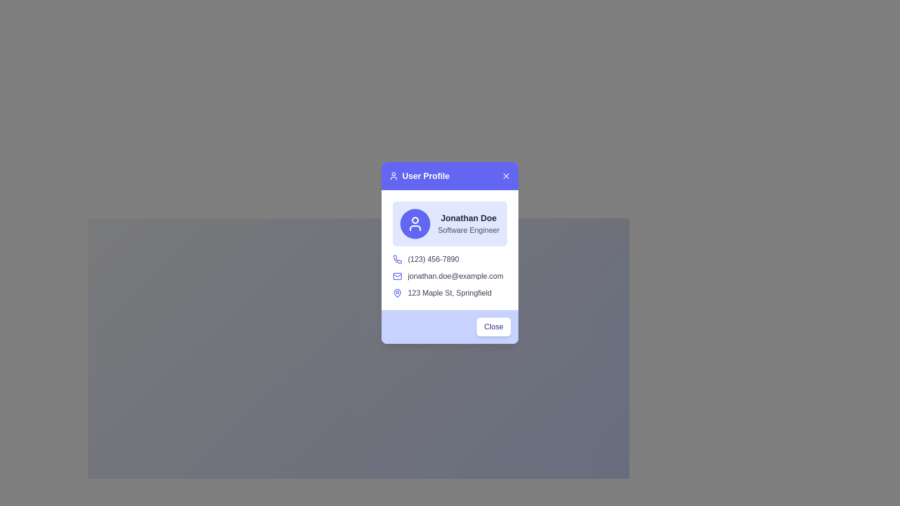 The height and width of the screenshot is (506, 900). Describe the element at coordinates (419, 176) in the screenshot. I see `the Text Label indicating the purpose or context of the user information panel, located at the top-left corner of the header` at that location.